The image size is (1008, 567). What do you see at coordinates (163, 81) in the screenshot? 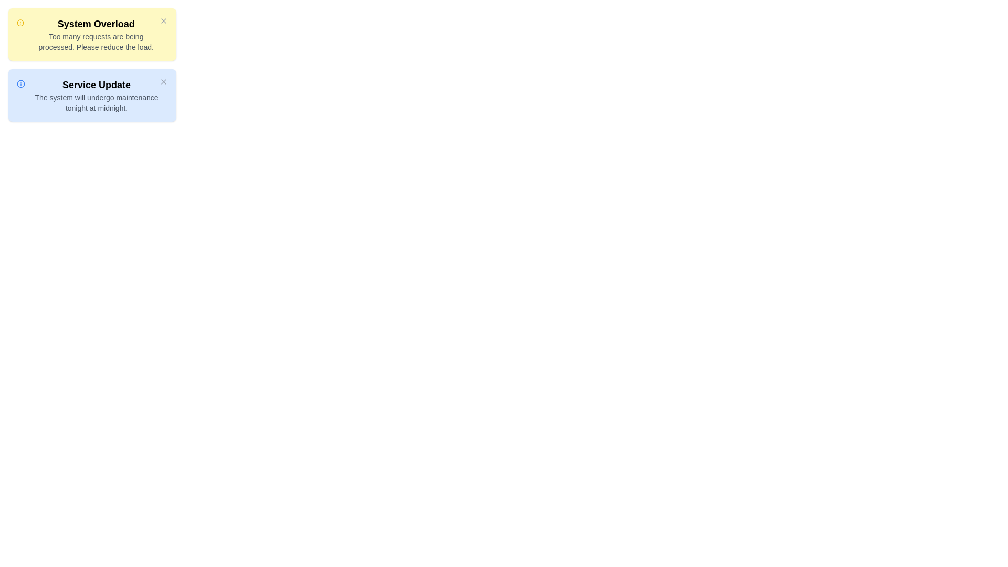
I see `the 'X' shaped gray button at the top-right corner of the blue notification card` at bounding box center [163, 81].